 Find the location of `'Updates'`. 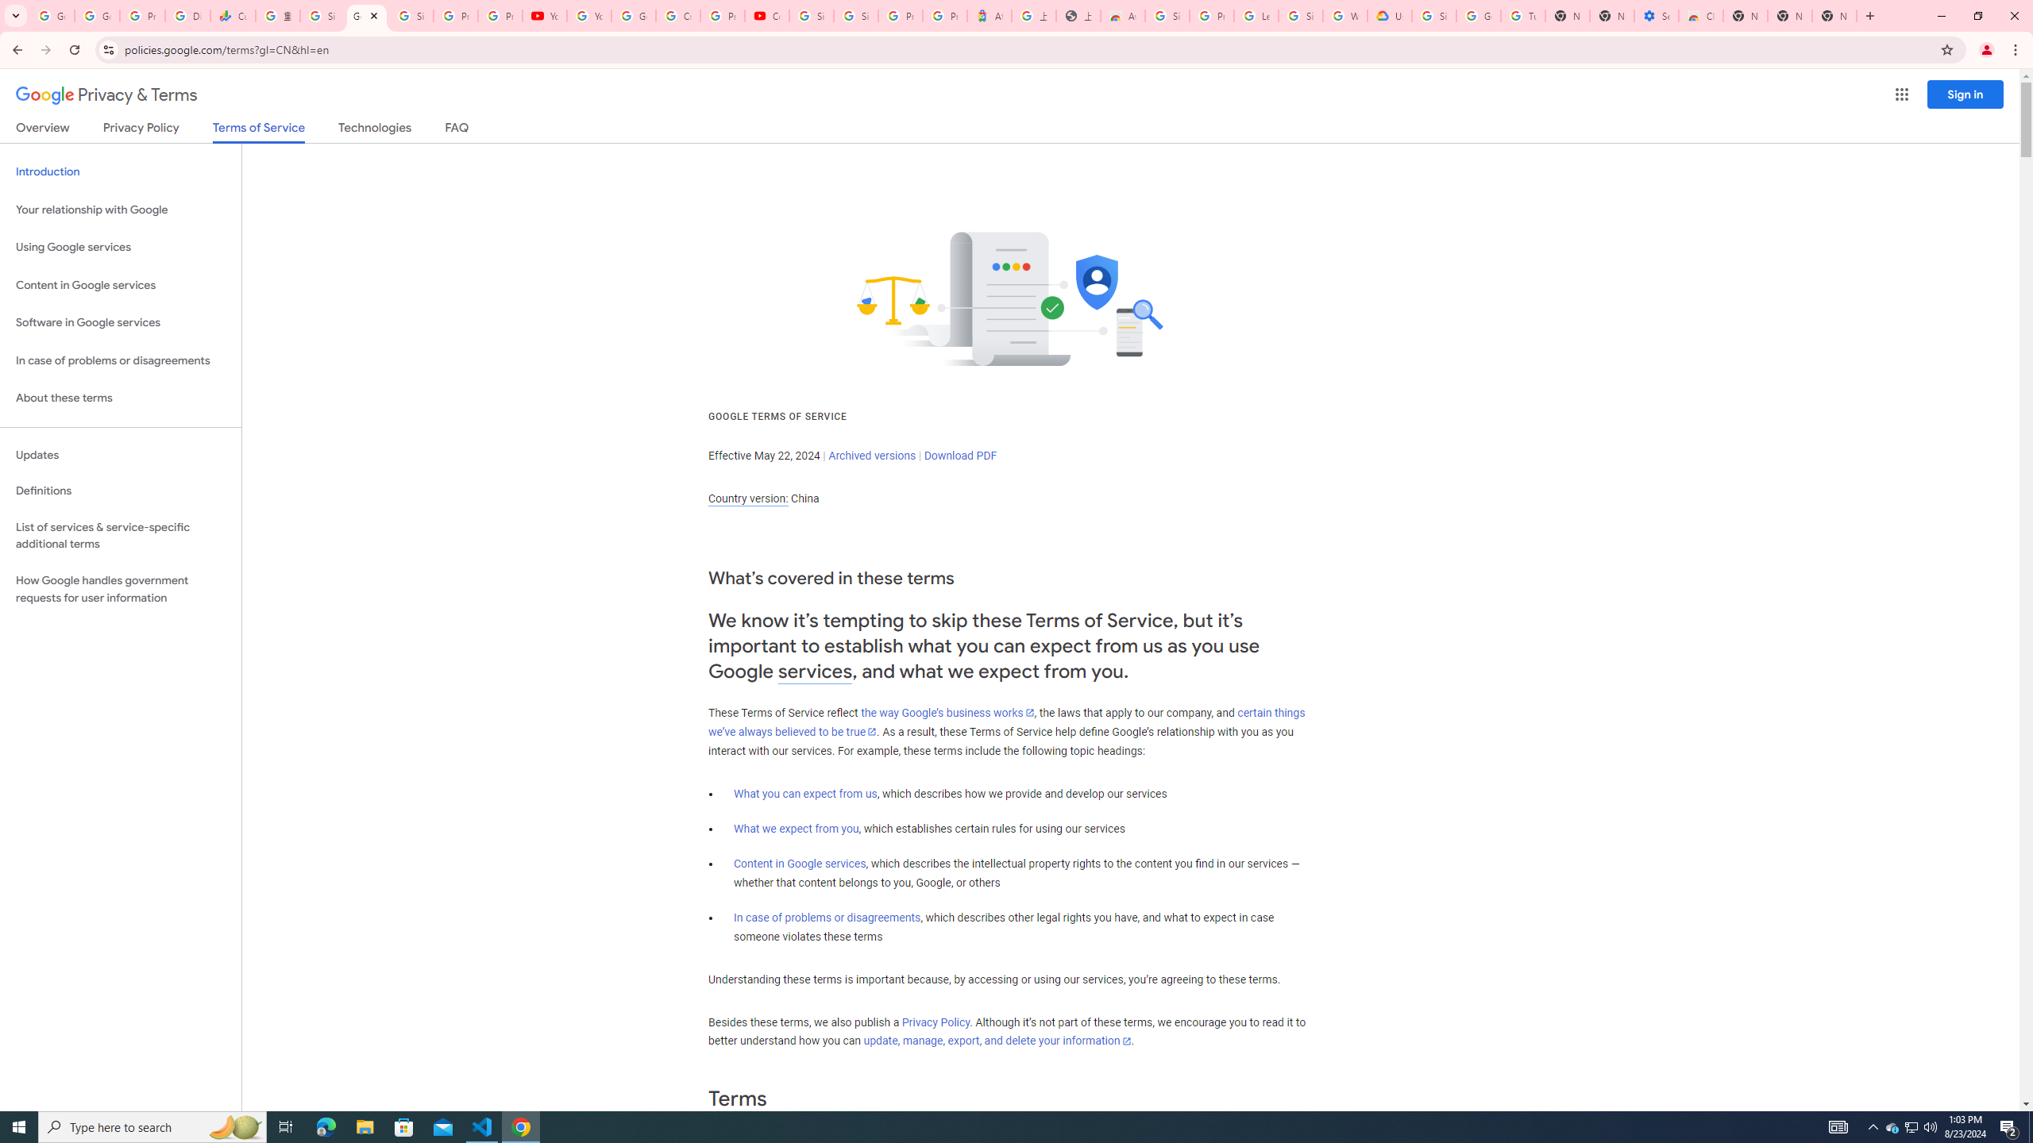

'Updates' is located at coordinates (120, 454).